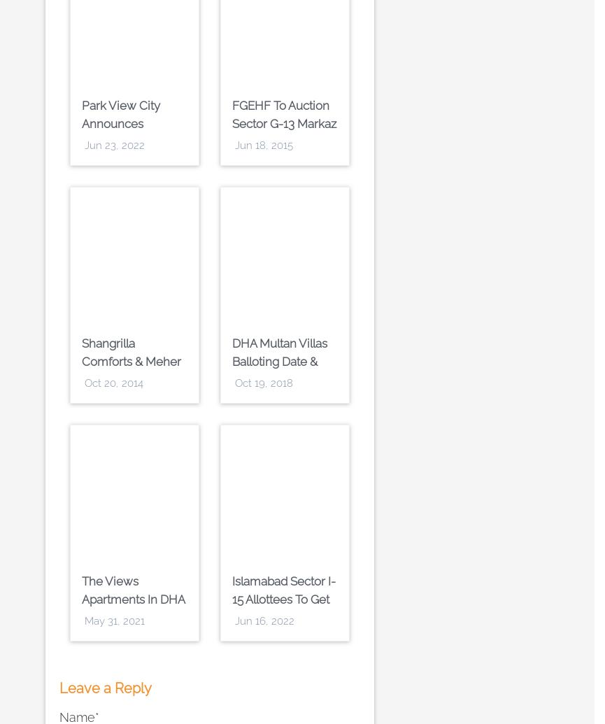 This screenshot has height=724, width=605. What do you see at coordinates (284, 123) in the screenshot?
I see `'FGEHF to Auction Sector G-13 Markaz Commercial Plots'` at bounding box center [284, 123].